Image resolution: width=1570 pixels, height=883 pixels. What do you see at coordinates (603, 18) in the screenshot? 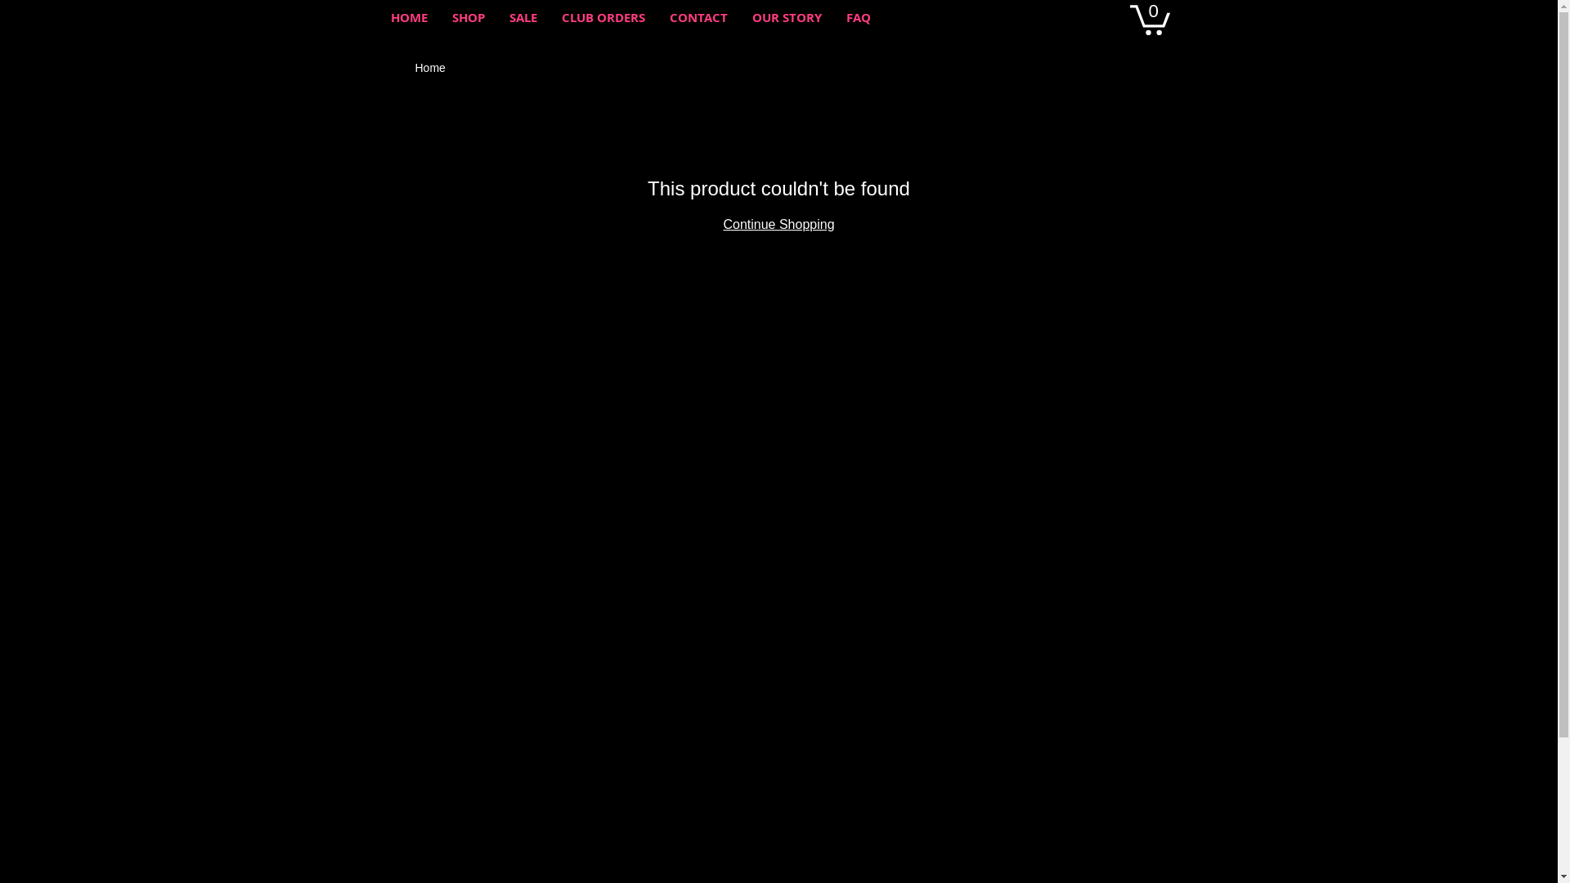
I see `'CLUB ORDERS'` at bounding box center [603, 18].